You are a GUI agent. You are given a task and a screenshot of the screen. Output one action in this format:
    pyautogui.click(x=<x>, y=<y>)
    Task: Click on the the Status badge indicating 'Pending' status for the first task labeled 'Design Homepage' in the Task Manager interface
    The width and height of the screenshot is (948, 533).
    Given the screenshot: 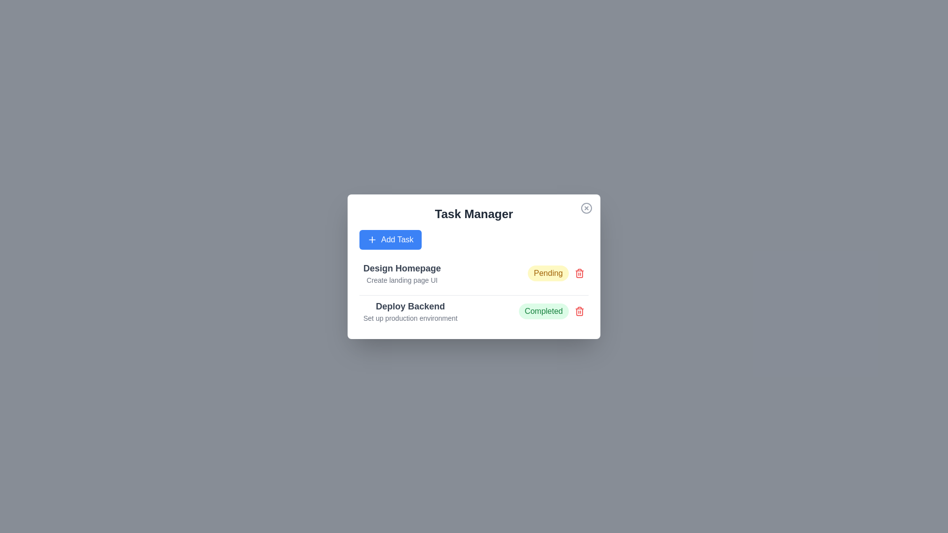 What is the action you would take?
    pyautogui.click(x=556, y=273)
    